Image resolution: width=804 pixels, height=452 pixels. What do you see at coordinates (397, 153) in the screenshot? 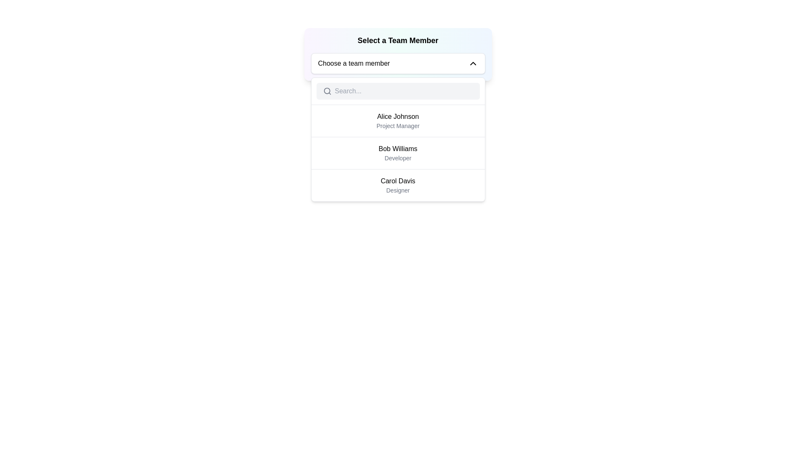
I see `the selectable option 'Bob Williams - Developer' in the dropdown menu` at bounding box center [397, 153].